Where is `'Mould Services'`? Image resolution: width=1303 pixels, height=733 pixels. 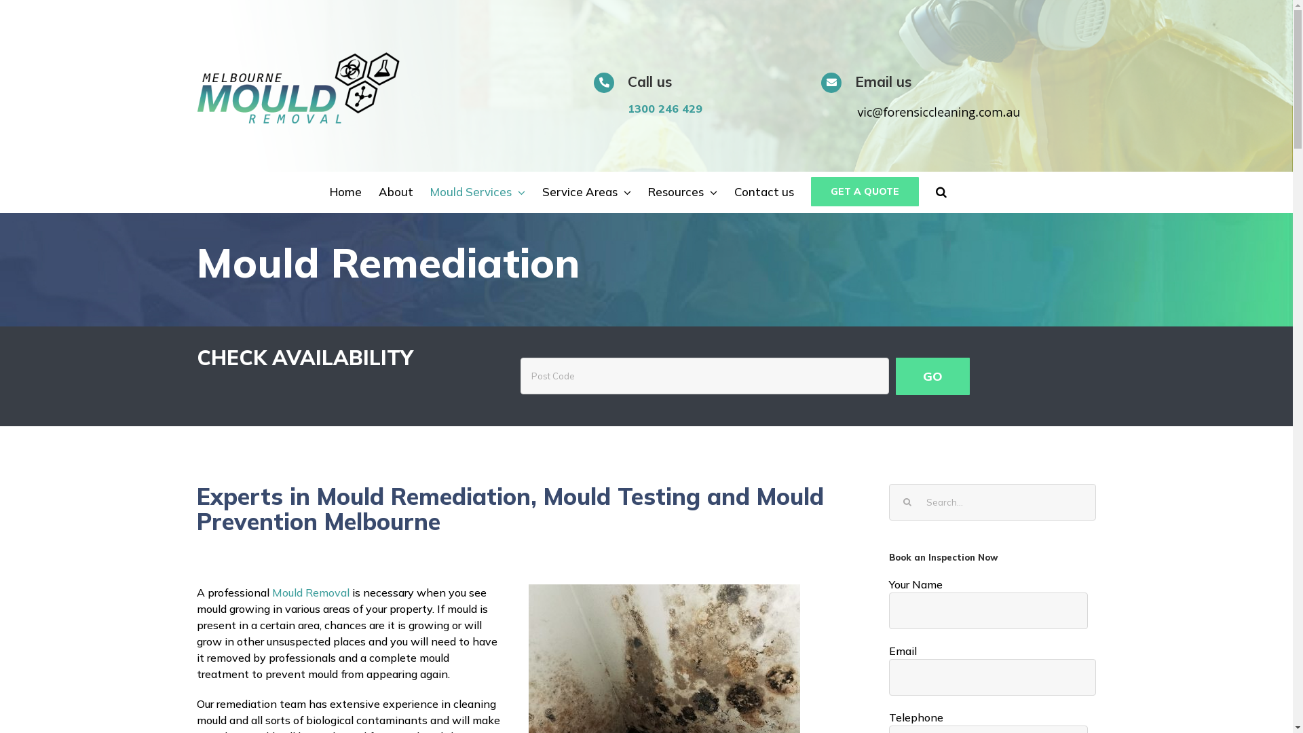
'Mould Services' is located at coordinates (478, 191).